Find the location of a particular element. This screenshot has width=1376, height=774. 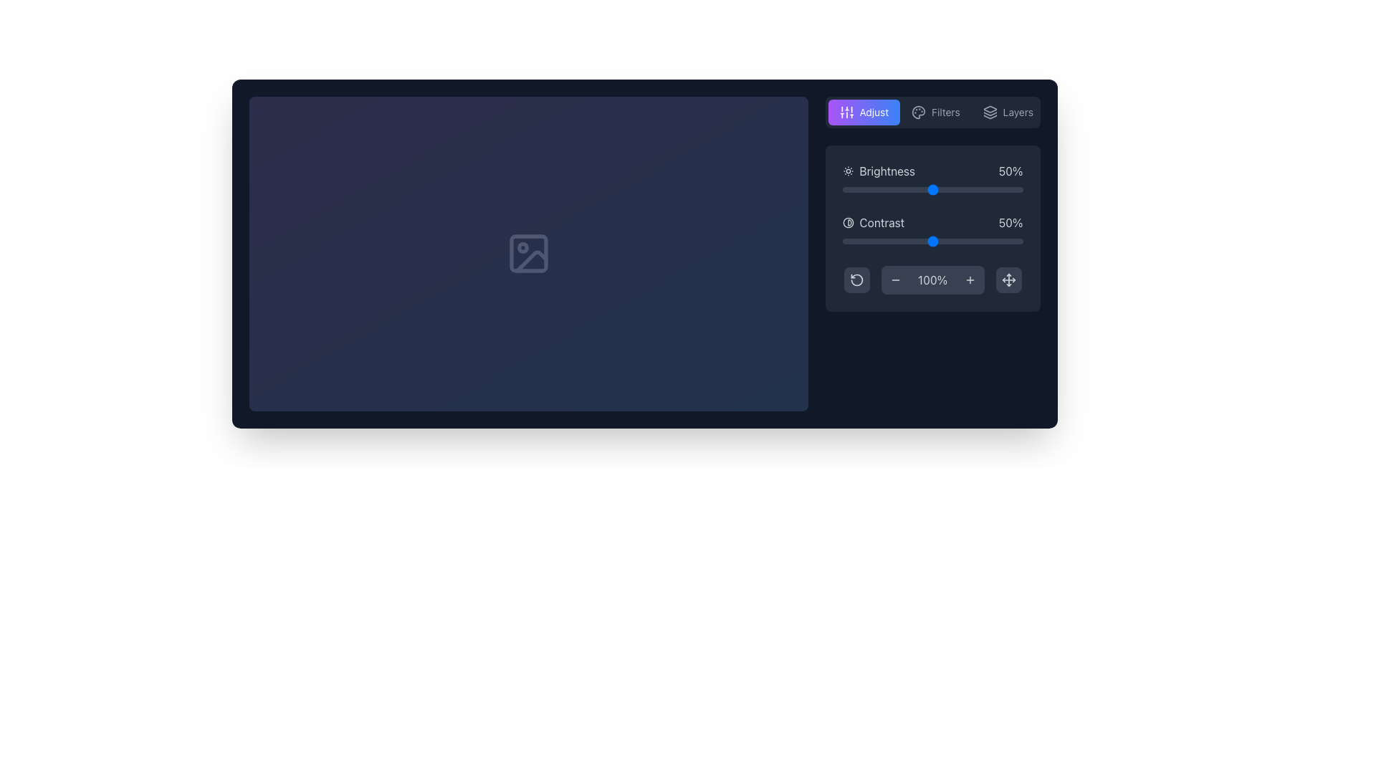

the contrast is located at coordinates (943, 240).